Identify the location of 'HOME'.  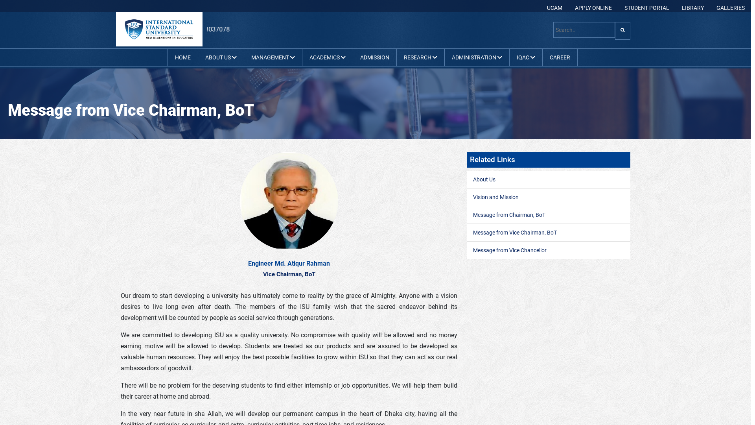
(182, 57).